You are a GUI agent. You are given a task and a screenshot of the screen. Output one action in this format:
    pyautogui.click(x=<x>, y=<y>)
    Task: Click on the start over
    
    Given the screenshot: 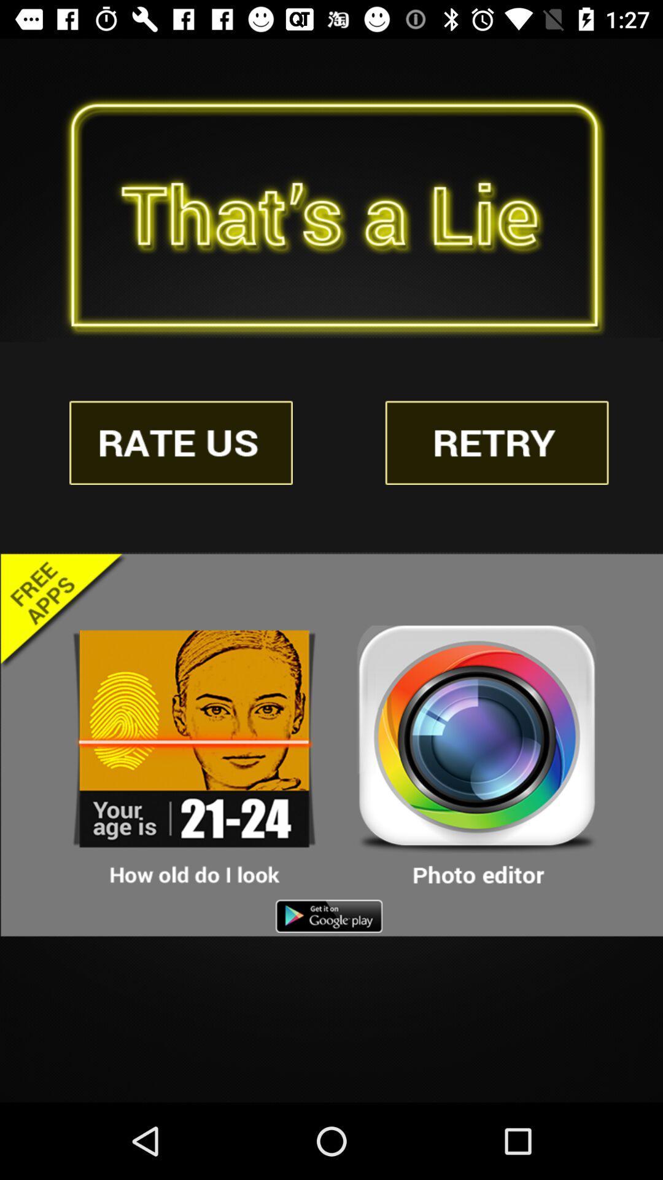 What is the action you would take?
    pyautogui.click(x=496, y=442)
    